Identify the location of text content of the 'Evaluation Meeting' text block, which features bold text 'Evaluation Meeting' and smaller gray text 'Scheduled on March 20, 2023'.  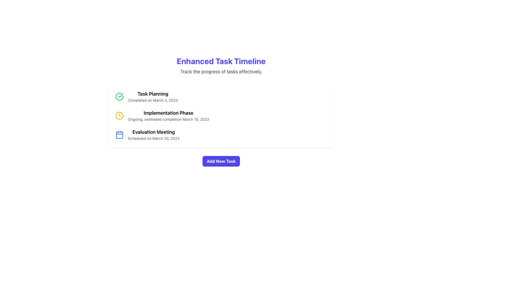
(153, 135).